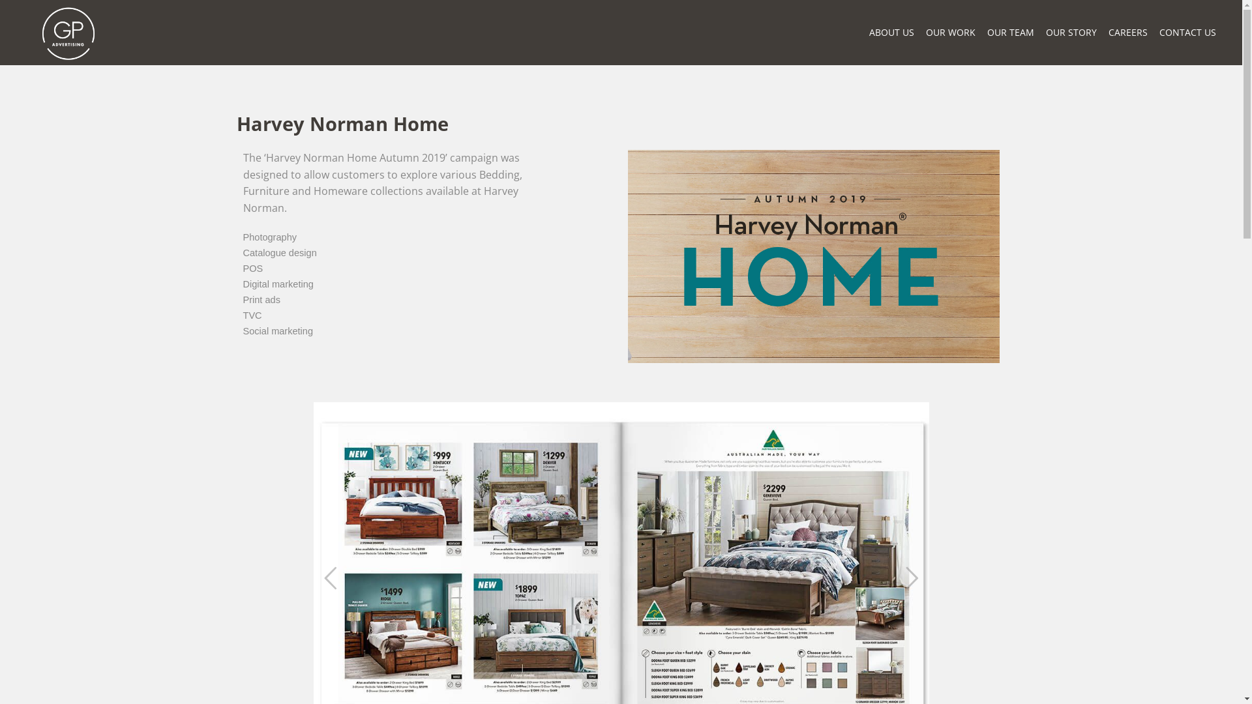  What do you see at coordinates (1010, 31) in the screenshot?
I see `'OUR TEAM'` at bounding box center [1010, 31].